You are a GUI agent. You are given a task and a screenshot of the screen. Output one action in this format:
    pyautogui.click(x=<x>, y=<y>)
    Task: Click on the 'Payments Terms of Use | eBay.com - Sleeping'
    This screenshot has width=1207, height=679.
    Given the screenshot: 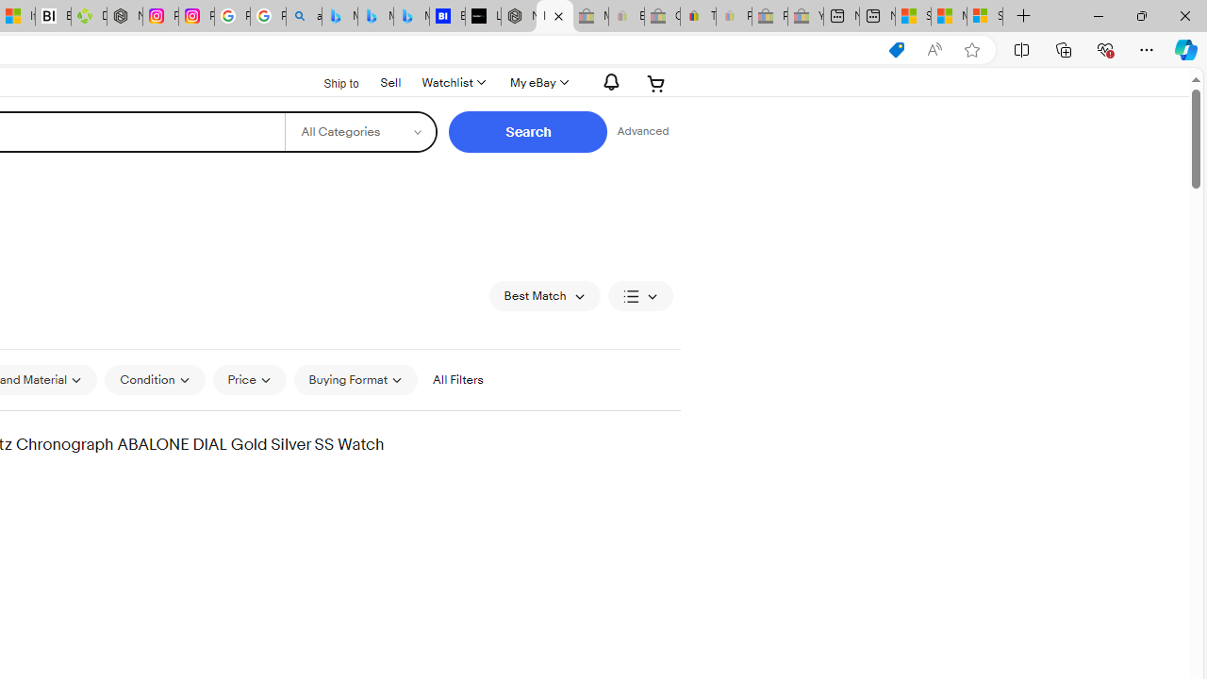 What is the action you would take?
    pyautogui.click(x=733, y=16)
    